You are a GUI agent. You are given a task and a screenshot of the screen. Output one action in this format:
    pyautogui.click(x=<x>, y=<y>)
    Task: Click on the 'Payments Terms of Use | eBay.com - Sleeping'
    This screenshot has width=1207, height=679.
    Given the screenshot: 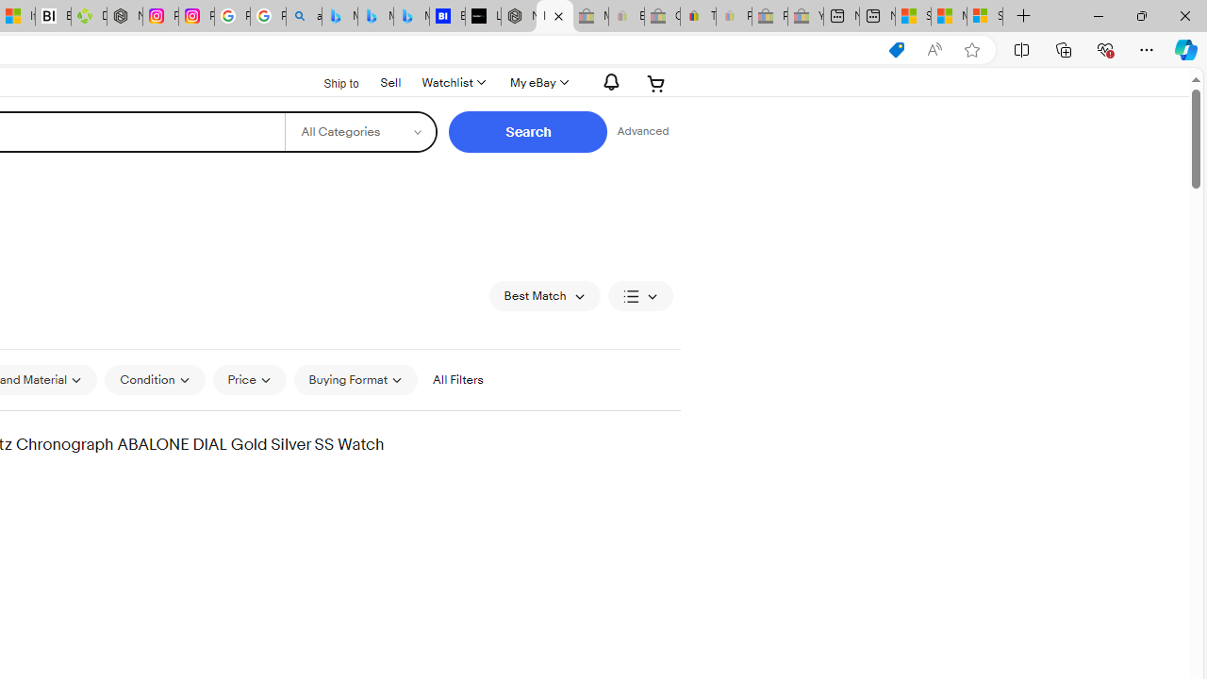 What is the action you would take?
    pyautogui.click(x=733, y=16)
    